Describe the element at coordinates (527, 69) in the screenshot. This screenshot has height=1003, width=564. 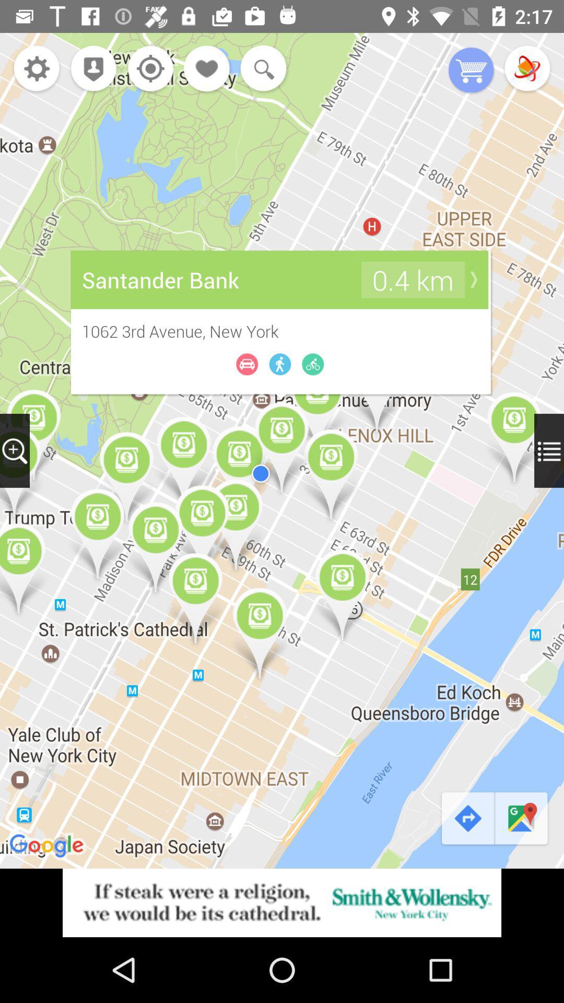
I see `3d toggle` at that location.